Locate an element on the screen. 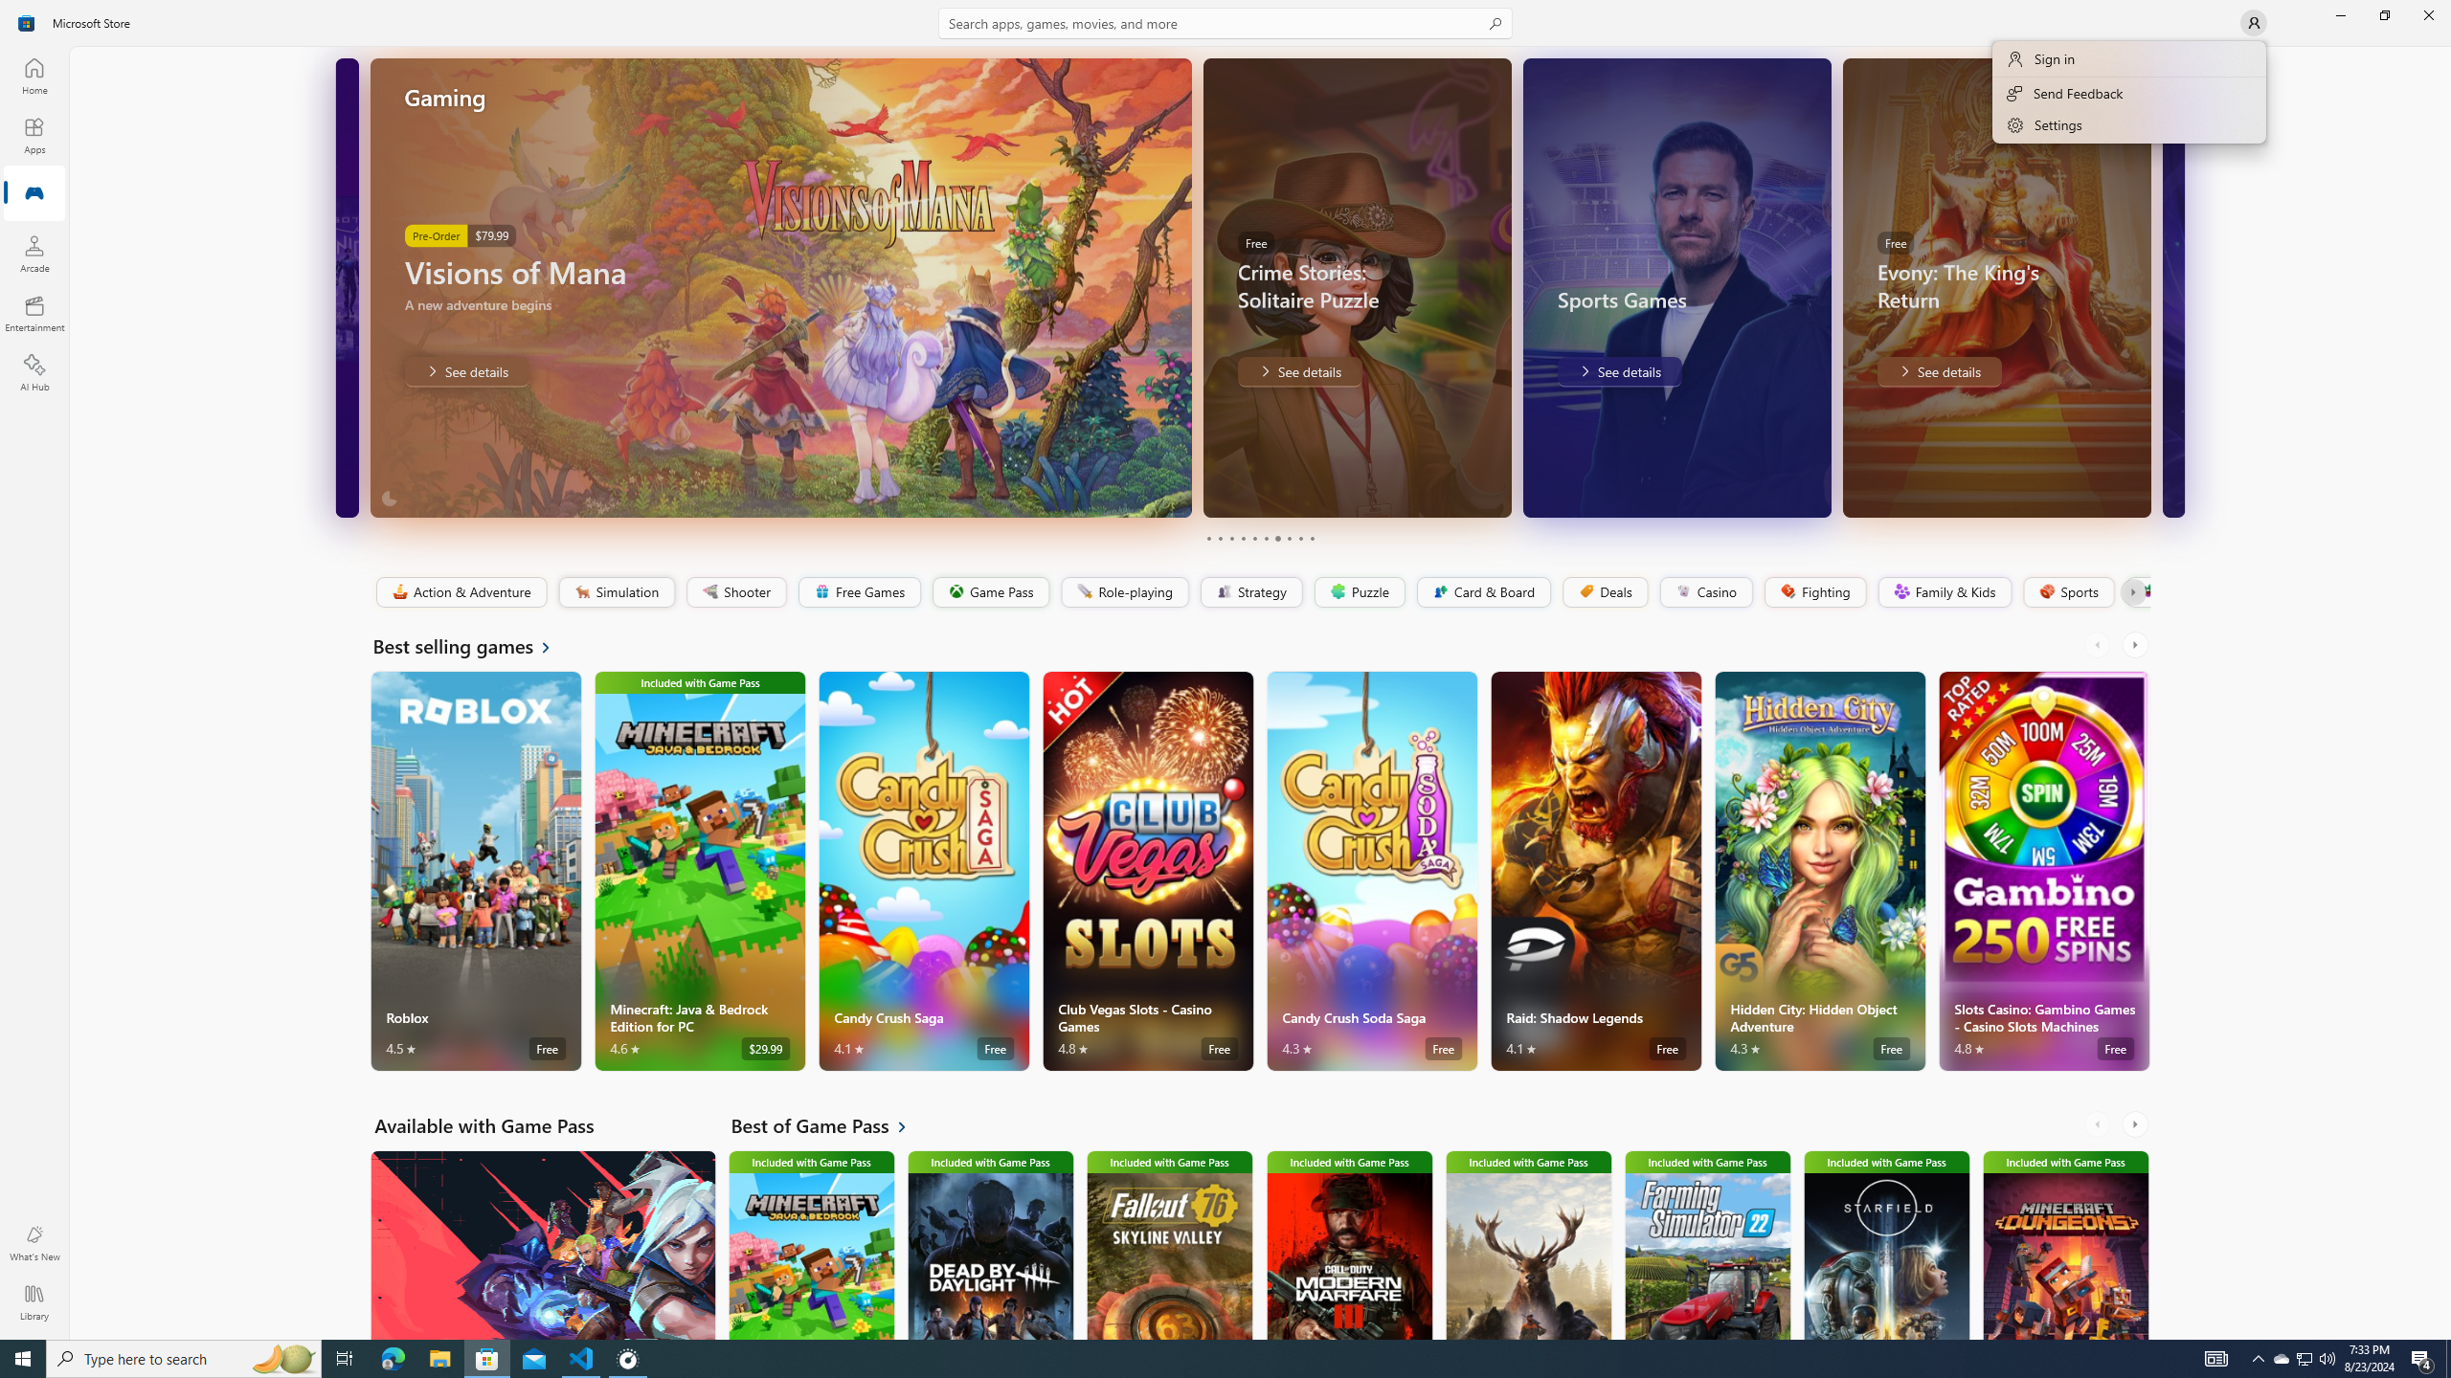 The height and width of the screenshot is (1378, 2451). 'Role-playing' is located at coordinates (1124, 591).